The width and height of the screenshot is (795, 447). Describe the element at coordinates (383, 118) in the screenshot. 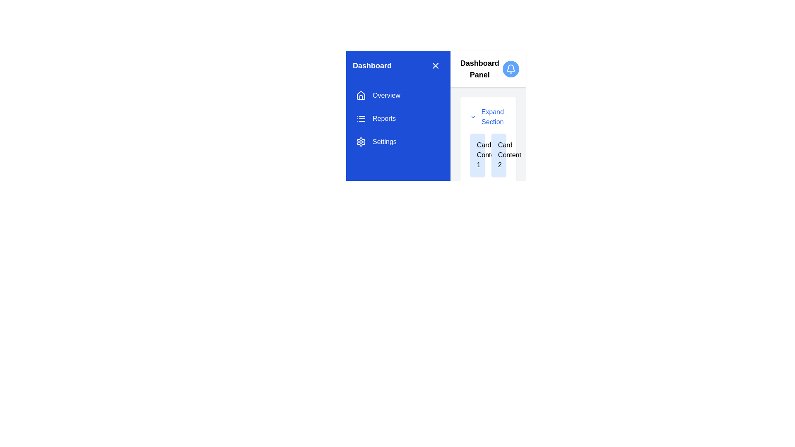

I see `the text label displaying 'Reports' in white, located in the left navigation menu between 'Overview' and 'Settings'` at that location.